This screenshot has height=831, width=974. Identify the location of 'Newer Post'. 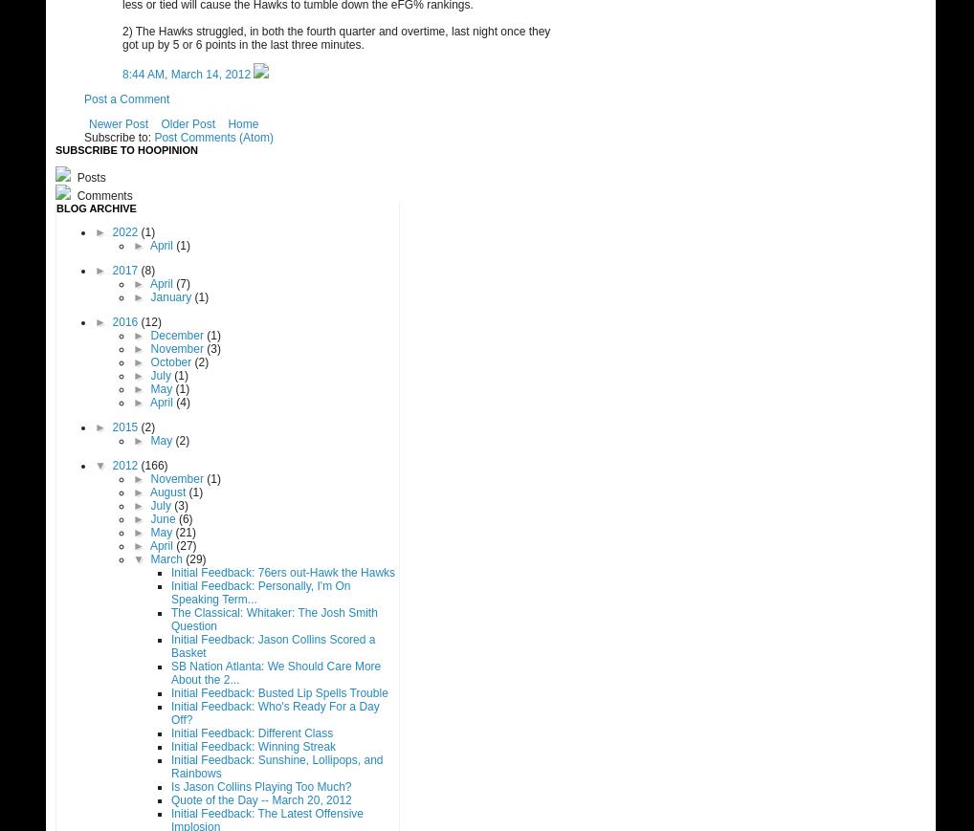
(117, 123).